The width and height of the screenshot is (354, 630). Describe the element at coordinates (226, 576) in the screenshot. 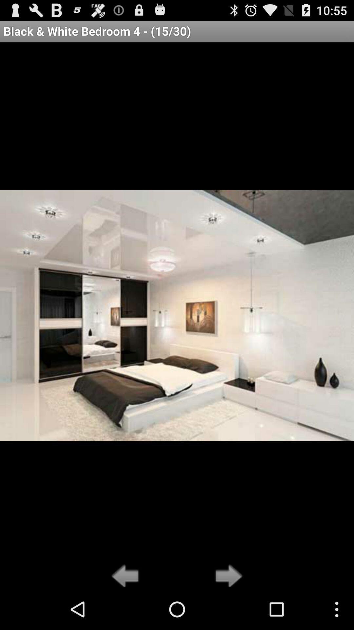

I see `go forward` at that location.